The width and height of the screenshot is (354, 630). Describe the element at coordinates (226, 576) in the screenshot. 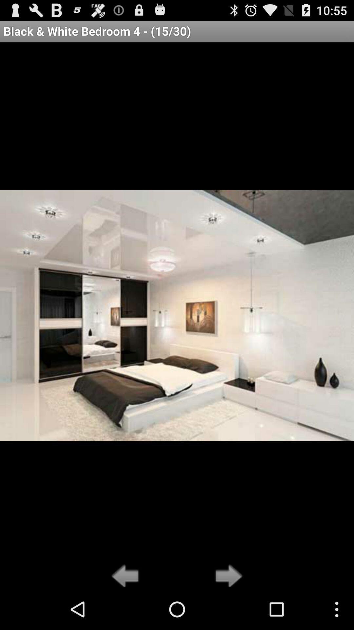

I see `go forward` at that location.